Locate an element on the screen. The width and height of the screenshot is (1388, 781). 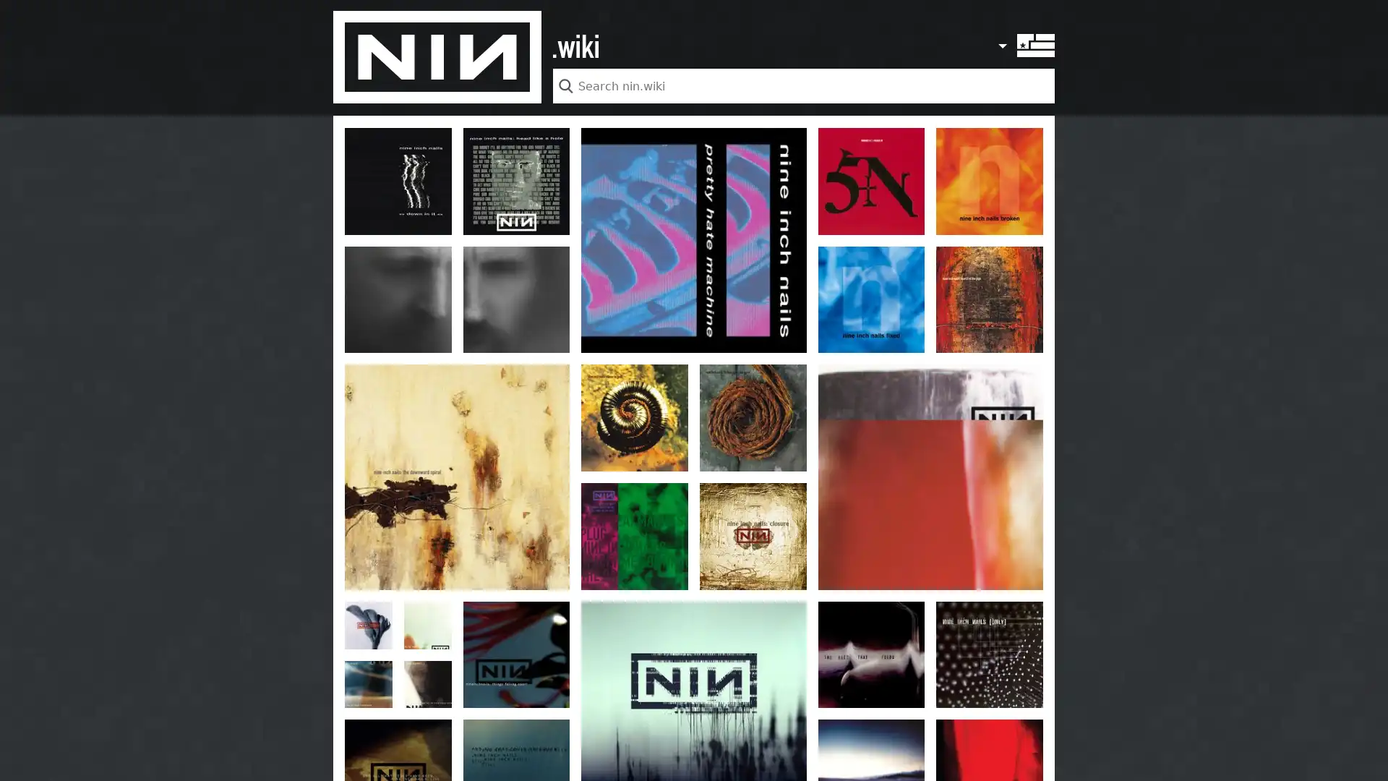
User menu is located at coordinates (1001, 38).